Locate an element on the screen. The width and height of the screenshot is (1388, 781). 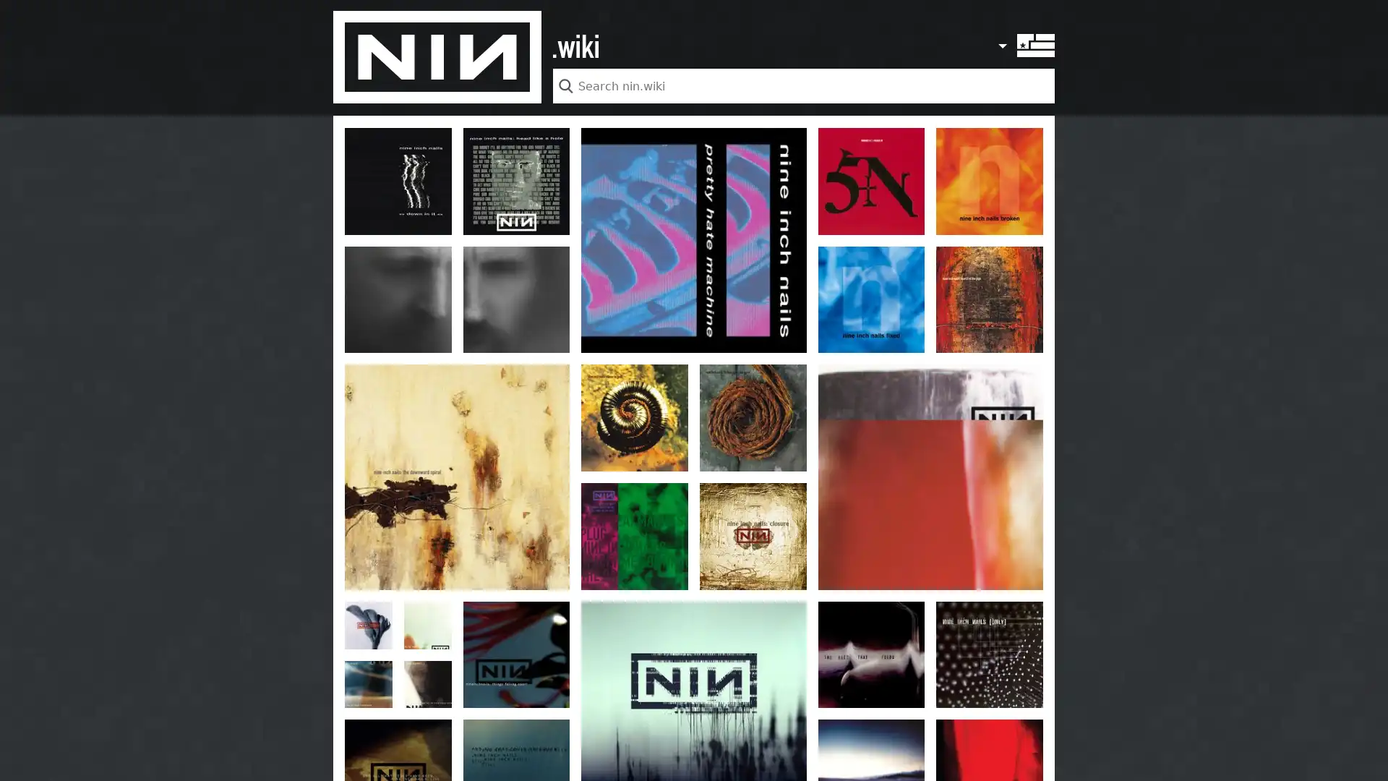
User menu is located at coordinates (1001, 38).